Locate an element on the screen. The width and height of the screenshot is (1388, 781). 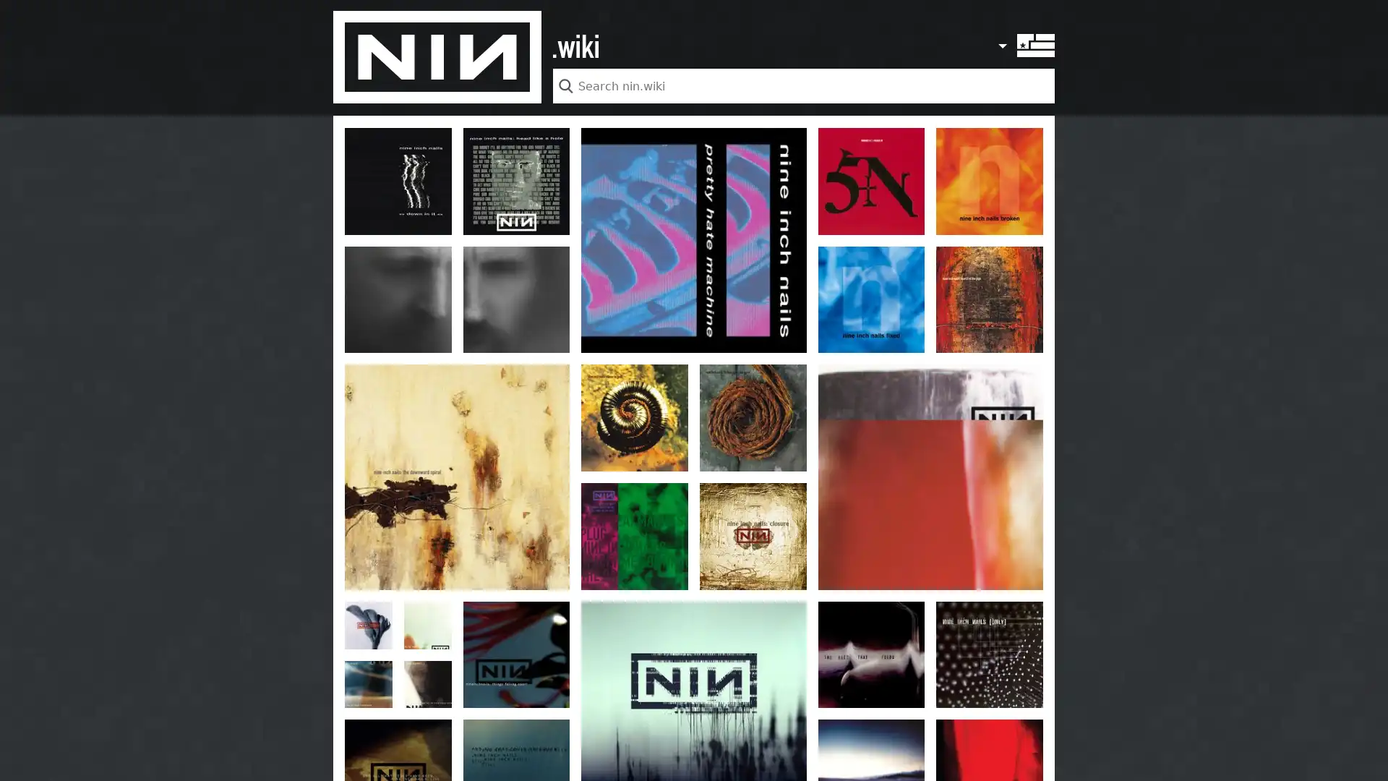
User menu is located at coordinates (1001, 38).